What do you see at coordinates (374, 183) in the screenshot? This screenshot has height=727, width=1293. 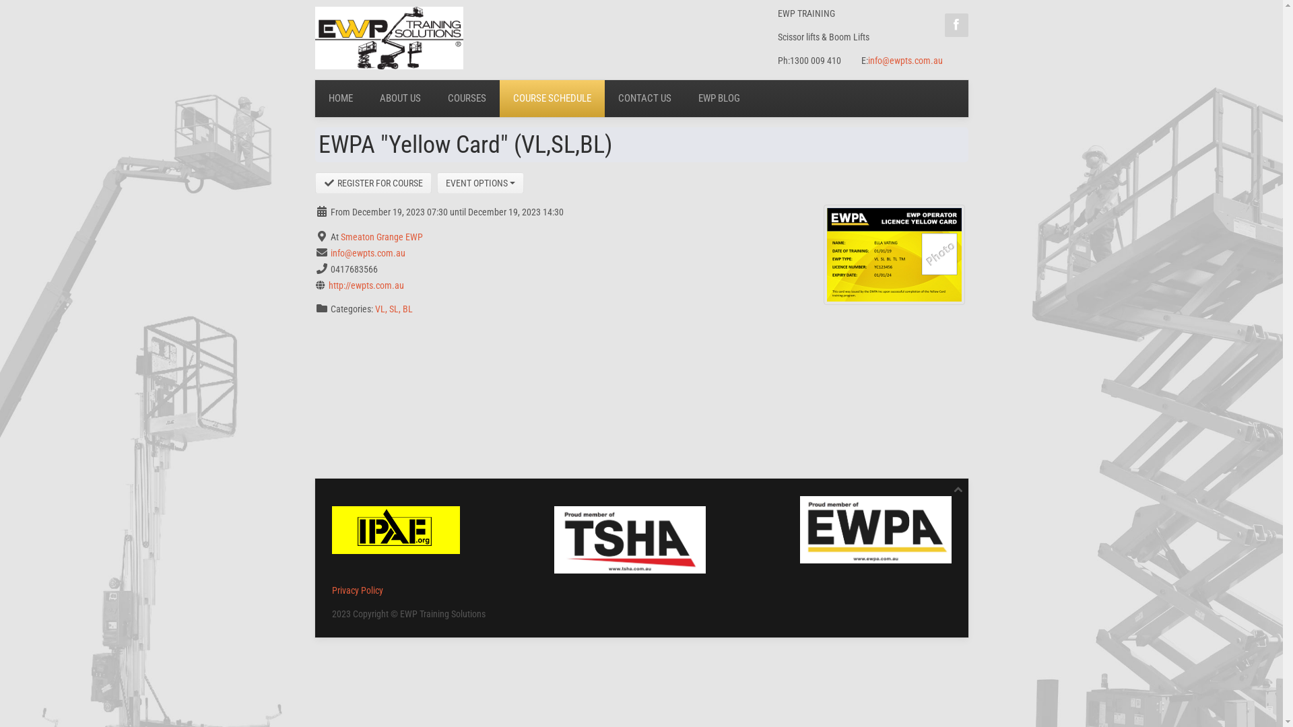 I see `'REGISTER FOR COURSE'` at bounding box center [374, 183].